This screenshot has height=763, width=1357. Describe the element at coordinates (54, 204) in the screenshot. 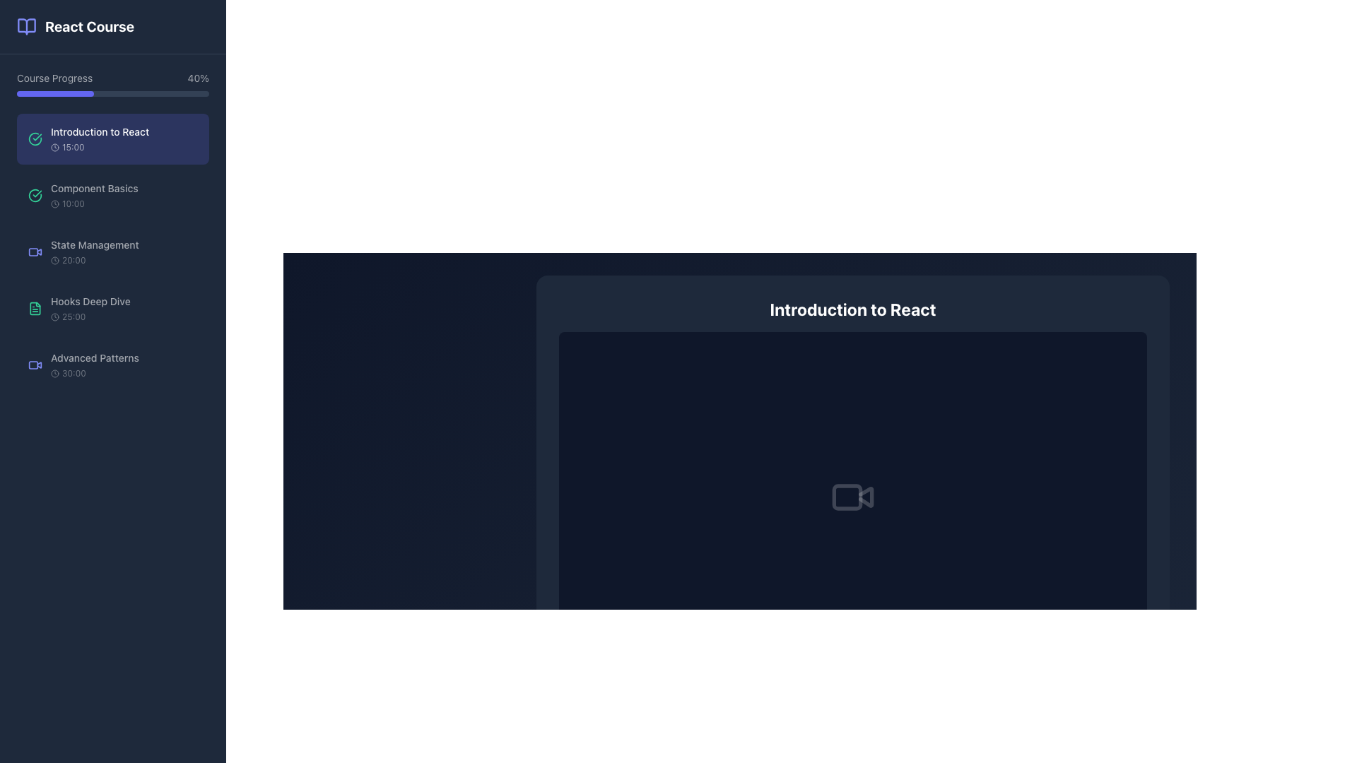

I see `the small circular clock icon located to the left of the time text '10:00' in the 'Component Basics' item entry` at that location.